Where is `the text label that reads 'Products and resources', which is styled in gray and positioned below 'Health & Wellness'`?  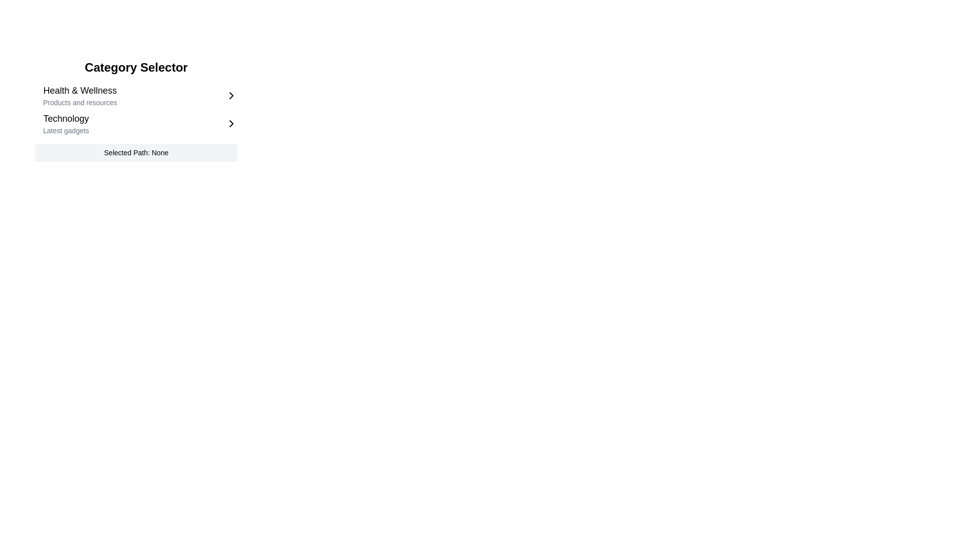 the text label that reads 'Products and resources', which is styled in gray and positioned below 'Health & Wellness' is located at coordinates (79, 102).